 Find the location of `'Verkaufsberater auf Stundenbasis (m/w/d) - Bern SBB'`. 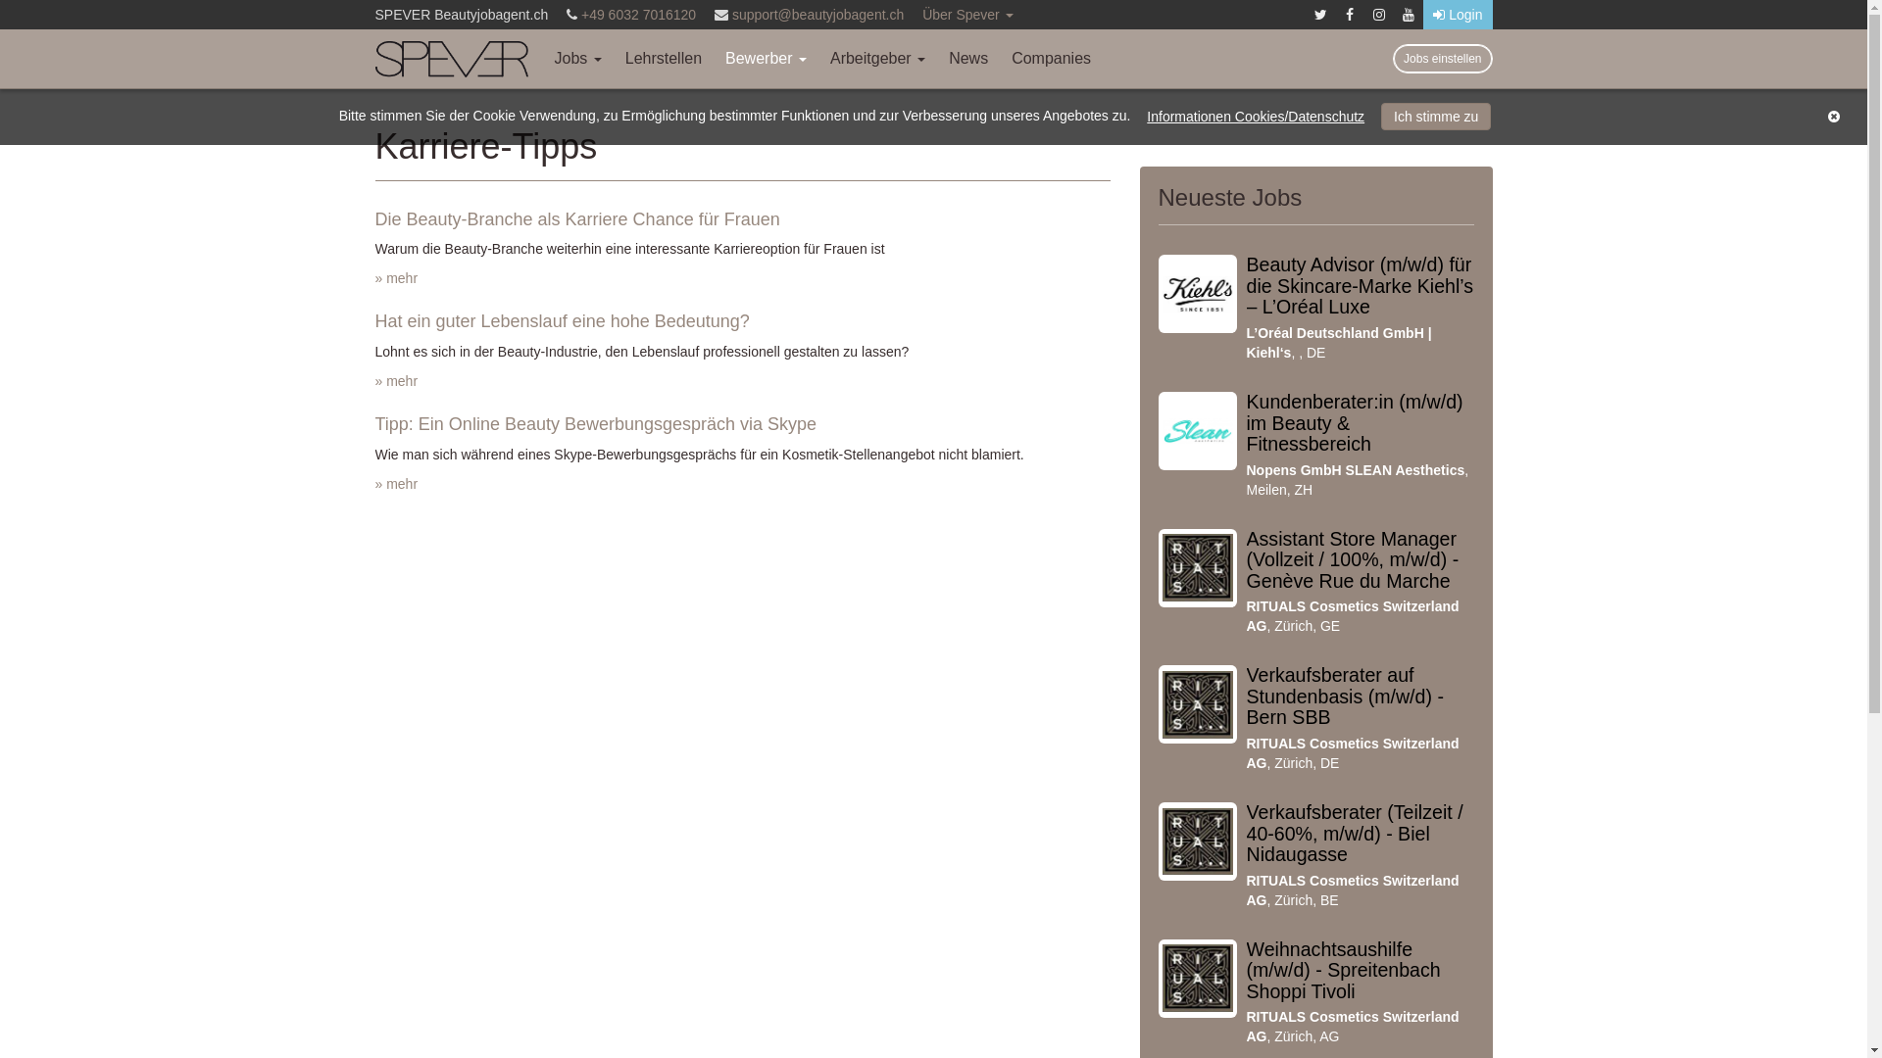

'Verkaufsberater auf Stundenbasis (m/w/d) - Bern SBB' is located at coordinates (1344, 695).